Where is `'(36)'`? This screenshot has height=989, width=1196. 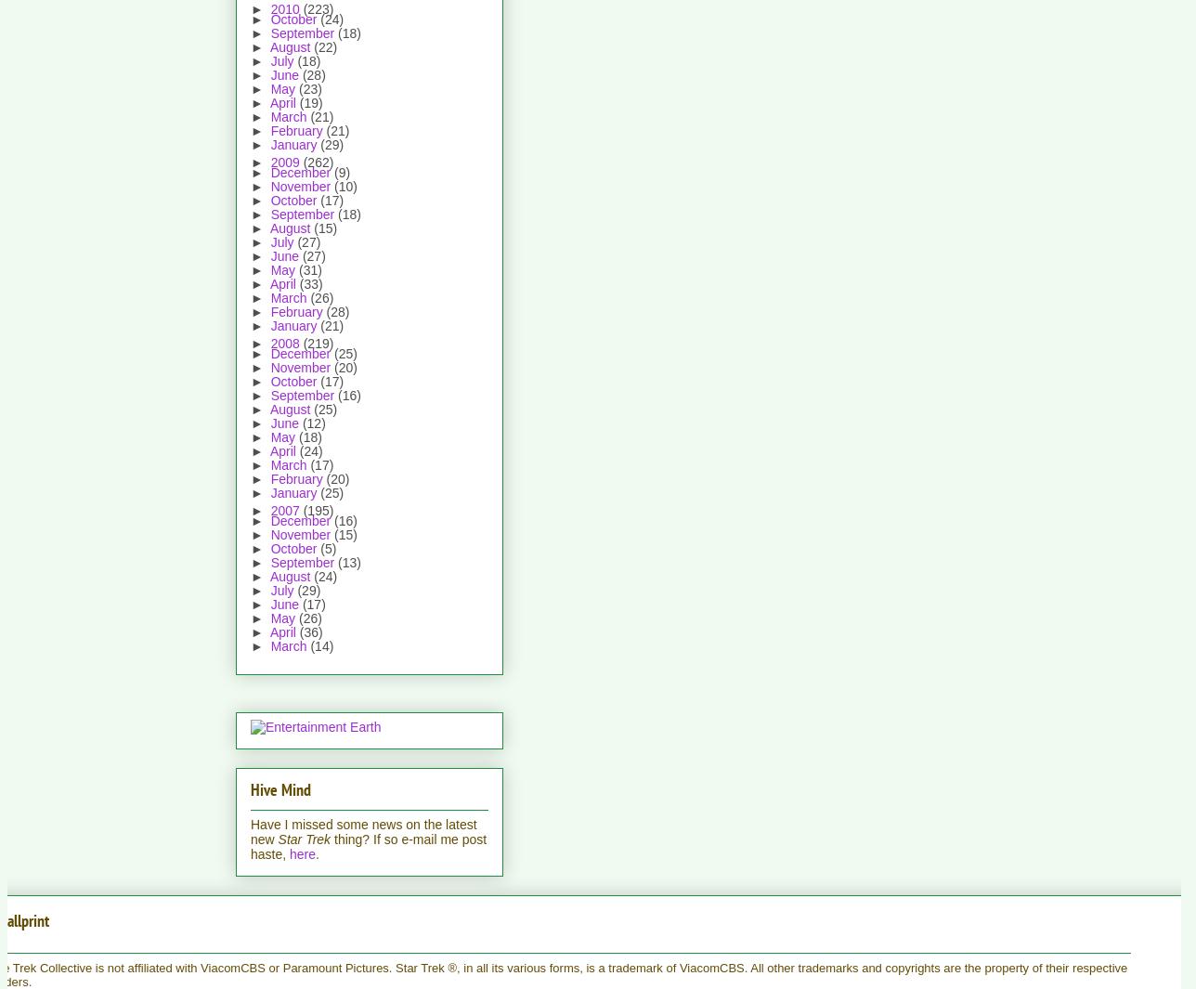 '(36)' is located at coordinates (310, 631).